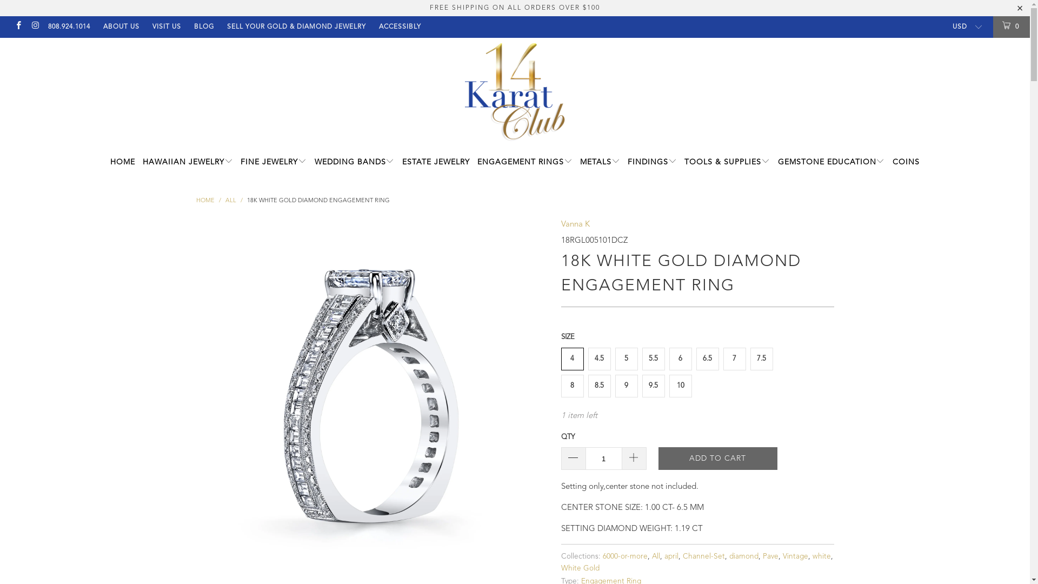 Image resolution: width=1038 pixels, height=584 pixels. I want to click on '808.924.1014', so click(68, 26).